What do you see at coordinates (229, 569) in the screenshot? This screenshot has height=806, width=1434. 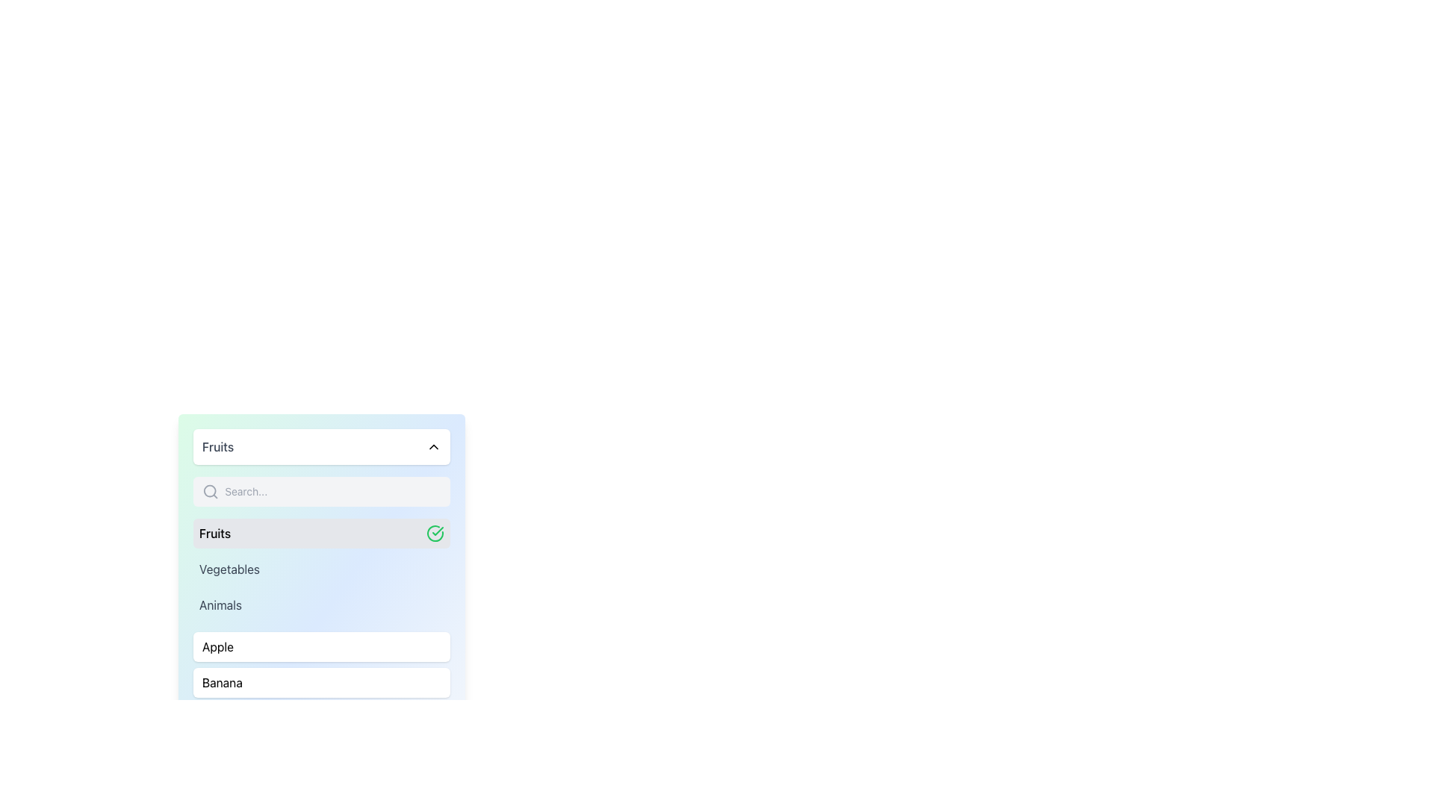 I see `the text label displaying 'Vegetables', which is styled in dark gray and located under the 'Fruits' section in the dropdown list` at bounding box center [229, 569].